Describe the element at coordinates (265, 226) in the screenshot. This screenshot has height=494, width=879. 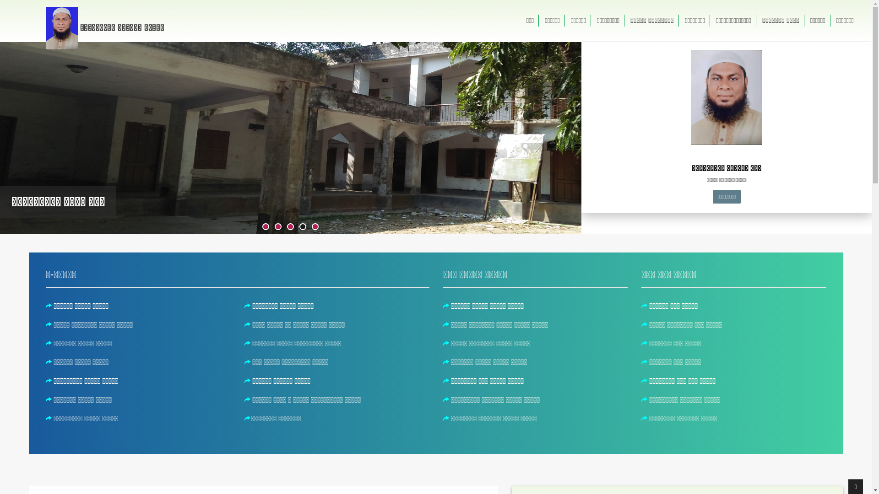
I see `'1'` at that location.